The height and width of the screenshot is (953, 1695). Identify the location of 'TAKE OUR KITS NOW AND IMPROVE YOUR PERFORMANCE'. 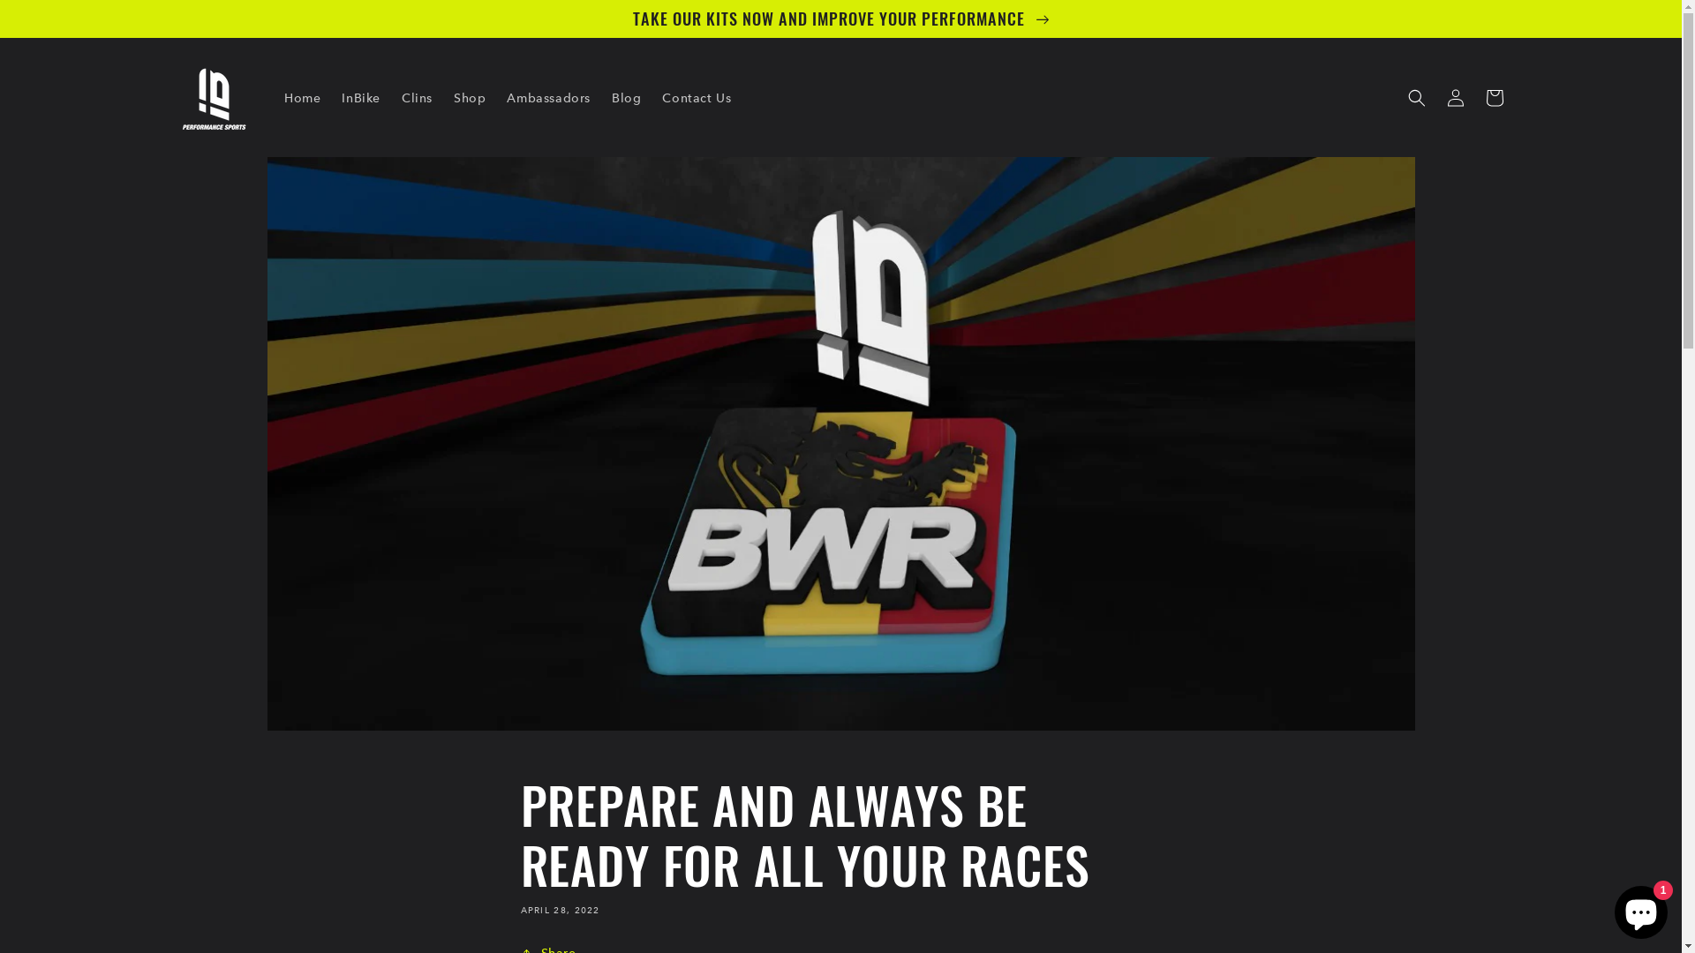
(0, 18).